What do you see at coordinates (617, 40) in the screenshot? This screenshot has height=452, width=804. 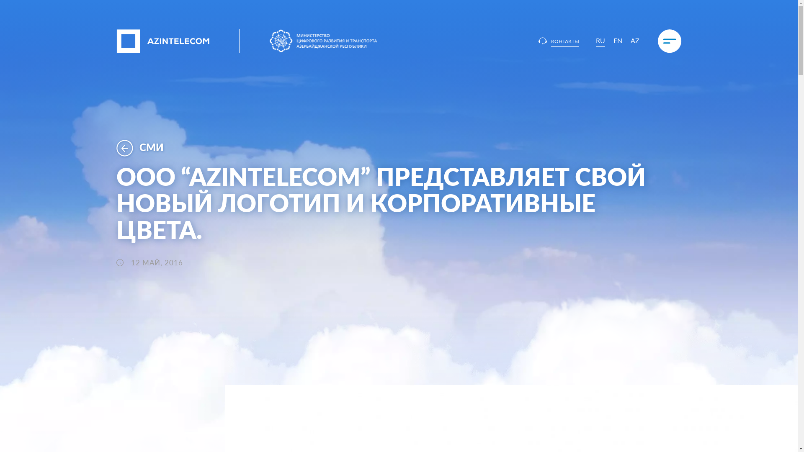 I see `'EN'` at bounding box center [617, 40].